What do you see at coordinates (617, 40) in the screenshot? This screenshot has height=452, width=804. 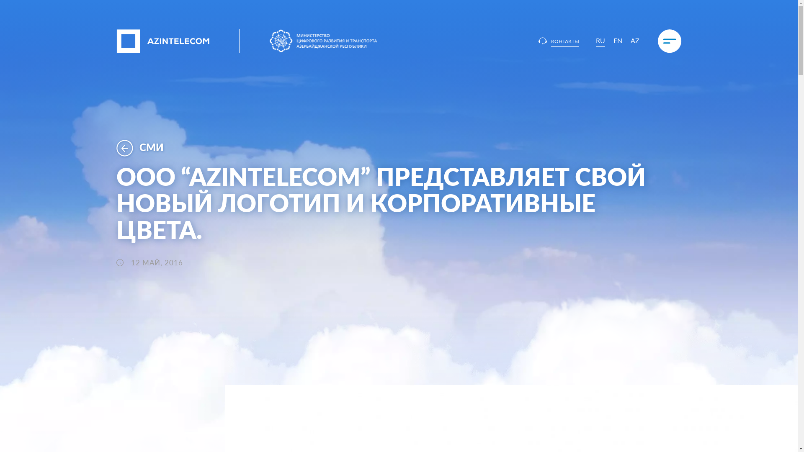 I see `'EN'` at bounding box center [617, 40].